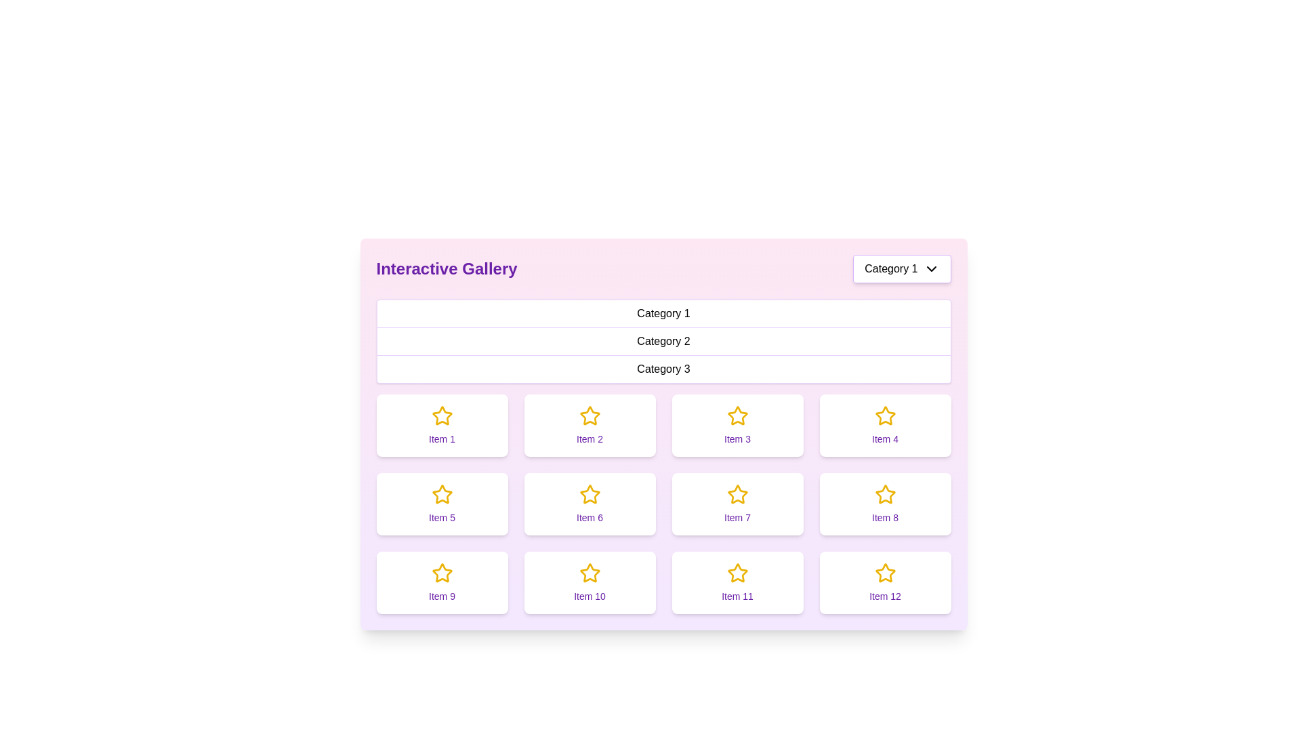  Describe the element at coordinates (885, 517) in the screenshot. I see `the static text label that identifies the card labeled 'Item 8', located in the second row and fourth column of the gallery interface, below the star icon` at that location.